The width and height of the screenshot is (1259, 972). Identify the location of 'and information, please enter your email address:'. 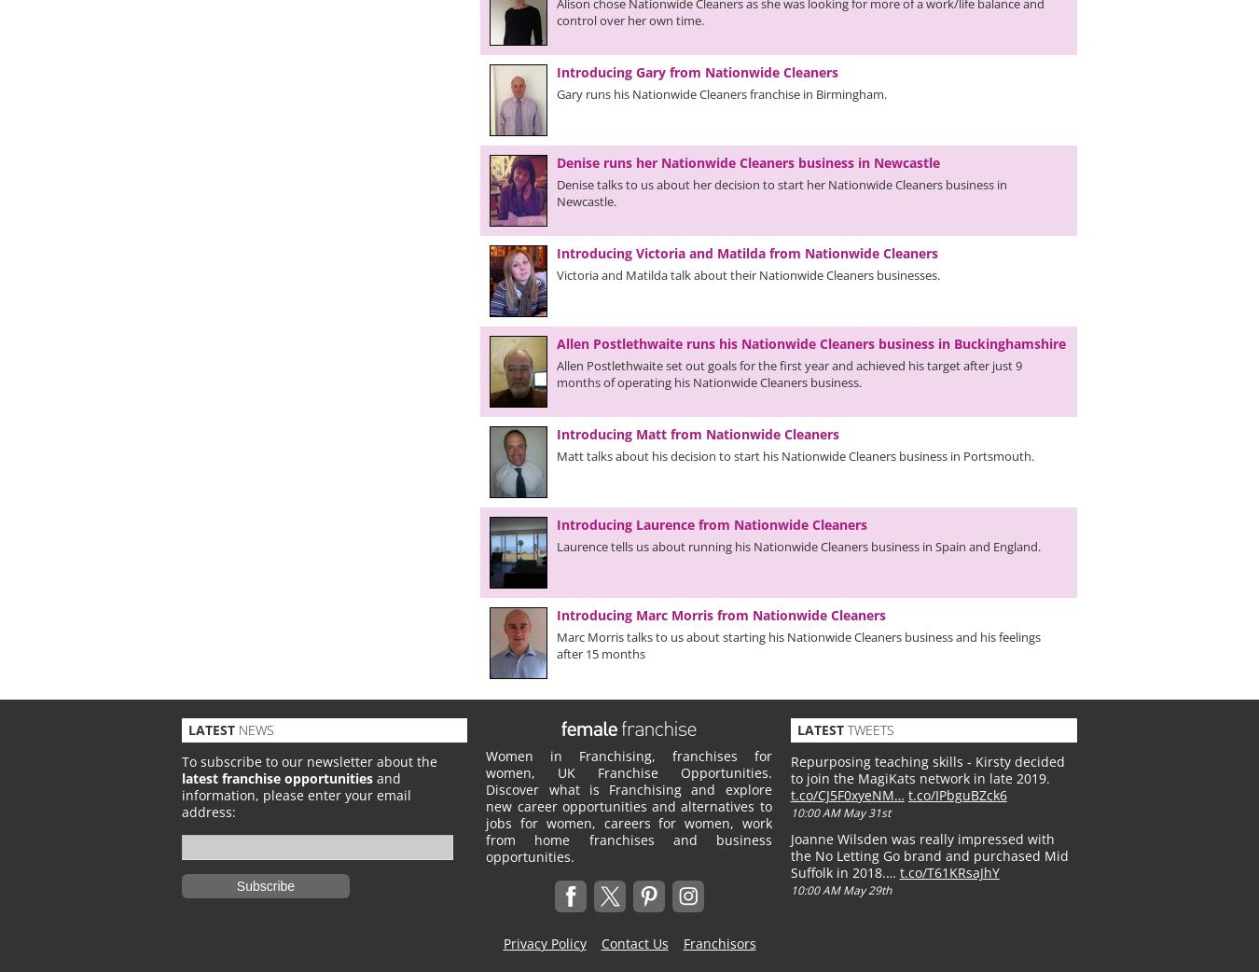
(296, 795).